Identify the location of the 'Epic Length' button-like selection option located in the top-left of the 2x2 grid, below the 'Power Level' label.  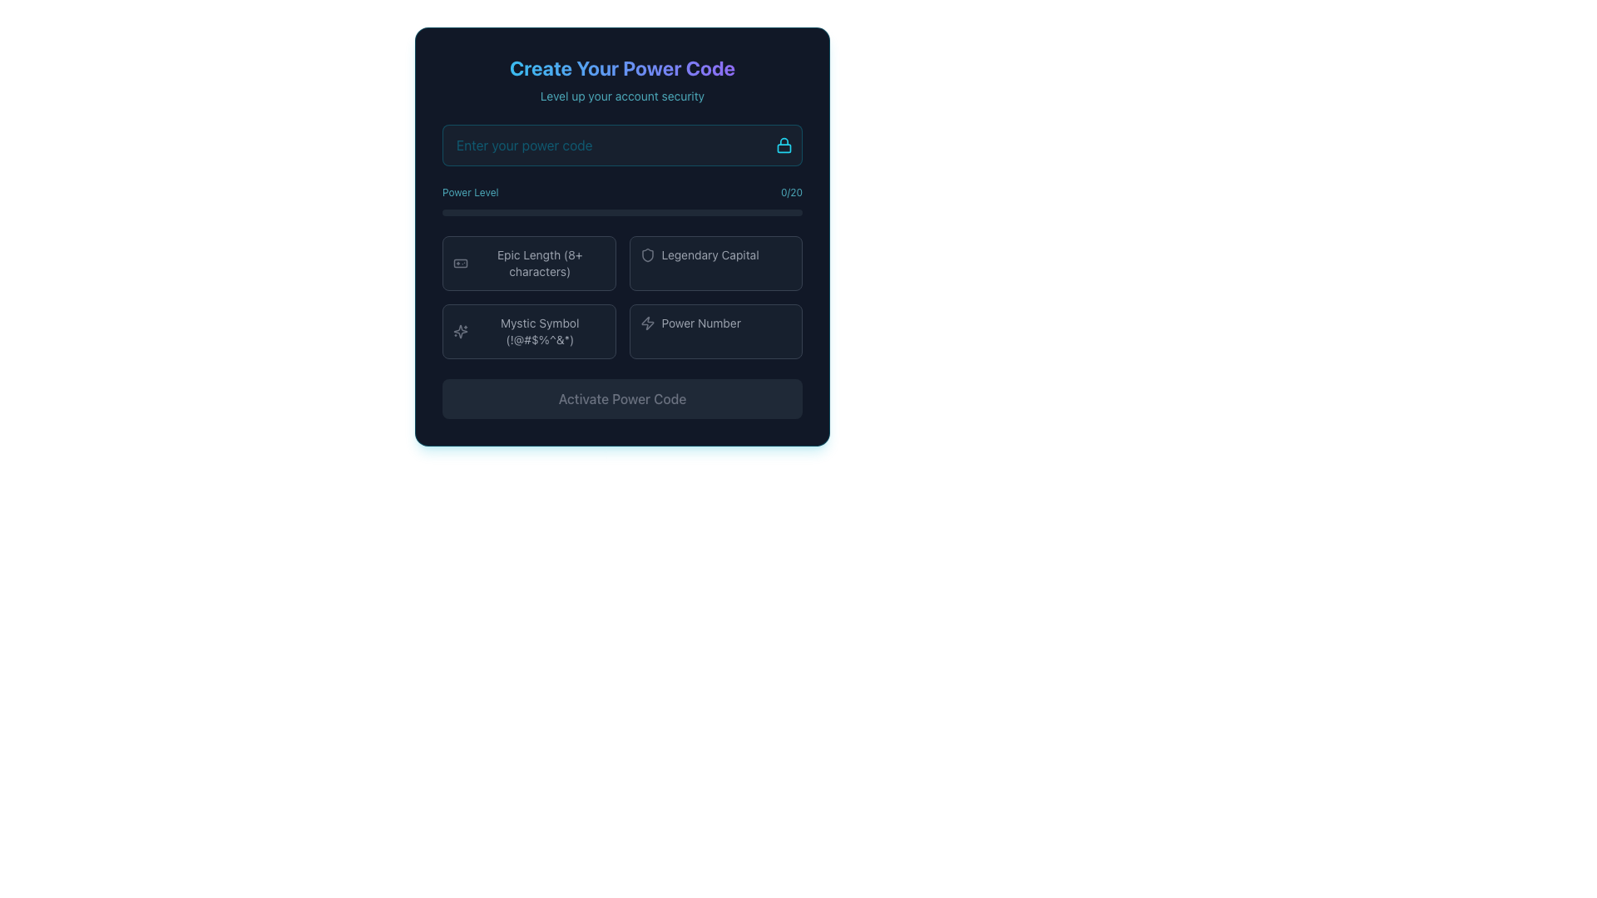
(528, 262).